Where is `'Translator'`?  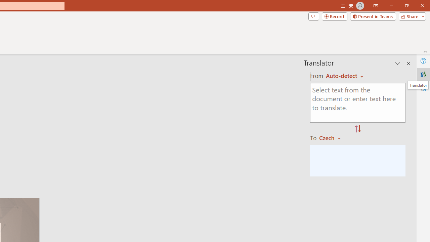 'Translator' is located at coordinates (423, 74).